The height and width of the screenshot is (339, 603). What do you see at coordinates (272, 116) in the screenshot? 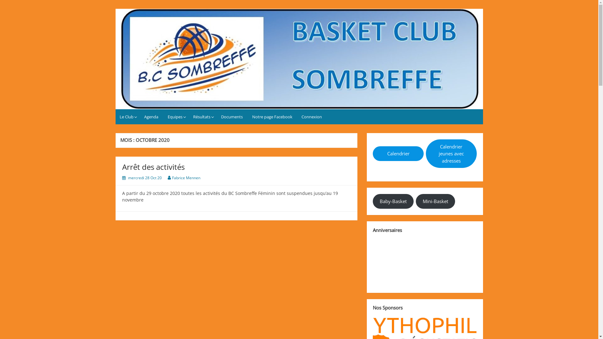
I see `'Notre page Facebook'` at bounding box center [272, 116].